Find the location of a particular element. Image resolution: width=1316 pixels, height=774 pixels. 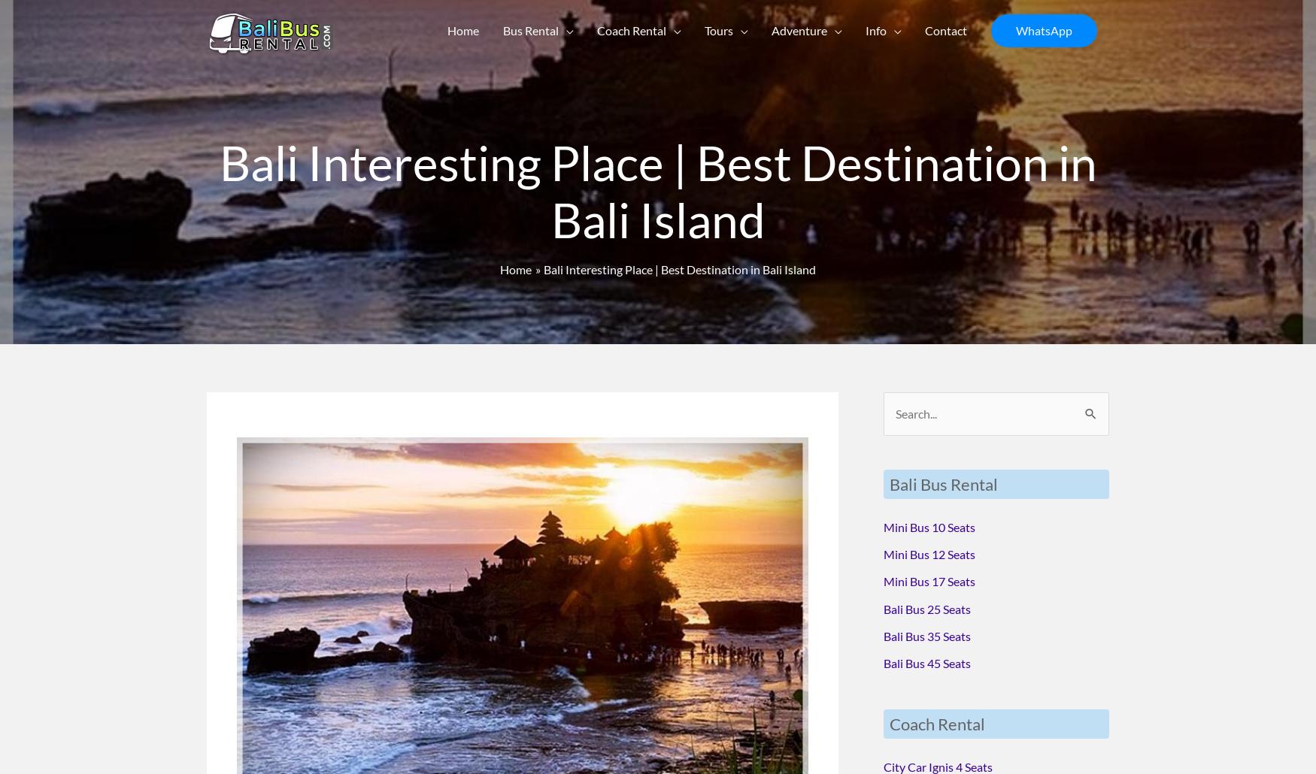

'Bali Bus 25 Seats' is located at coordinates (882, 607).